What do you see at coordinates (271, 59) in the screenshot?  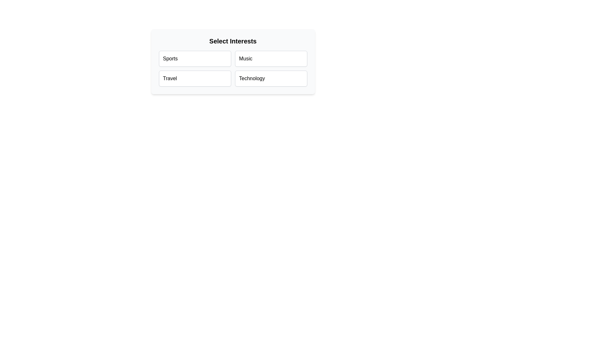 I see `the chip labeled Music` at bounding box center [271, 59].